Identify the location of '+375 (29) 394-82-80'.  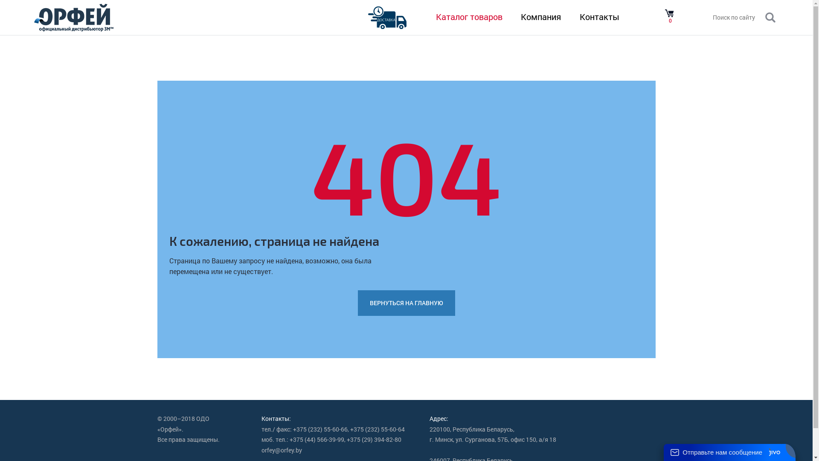
(374, 440).